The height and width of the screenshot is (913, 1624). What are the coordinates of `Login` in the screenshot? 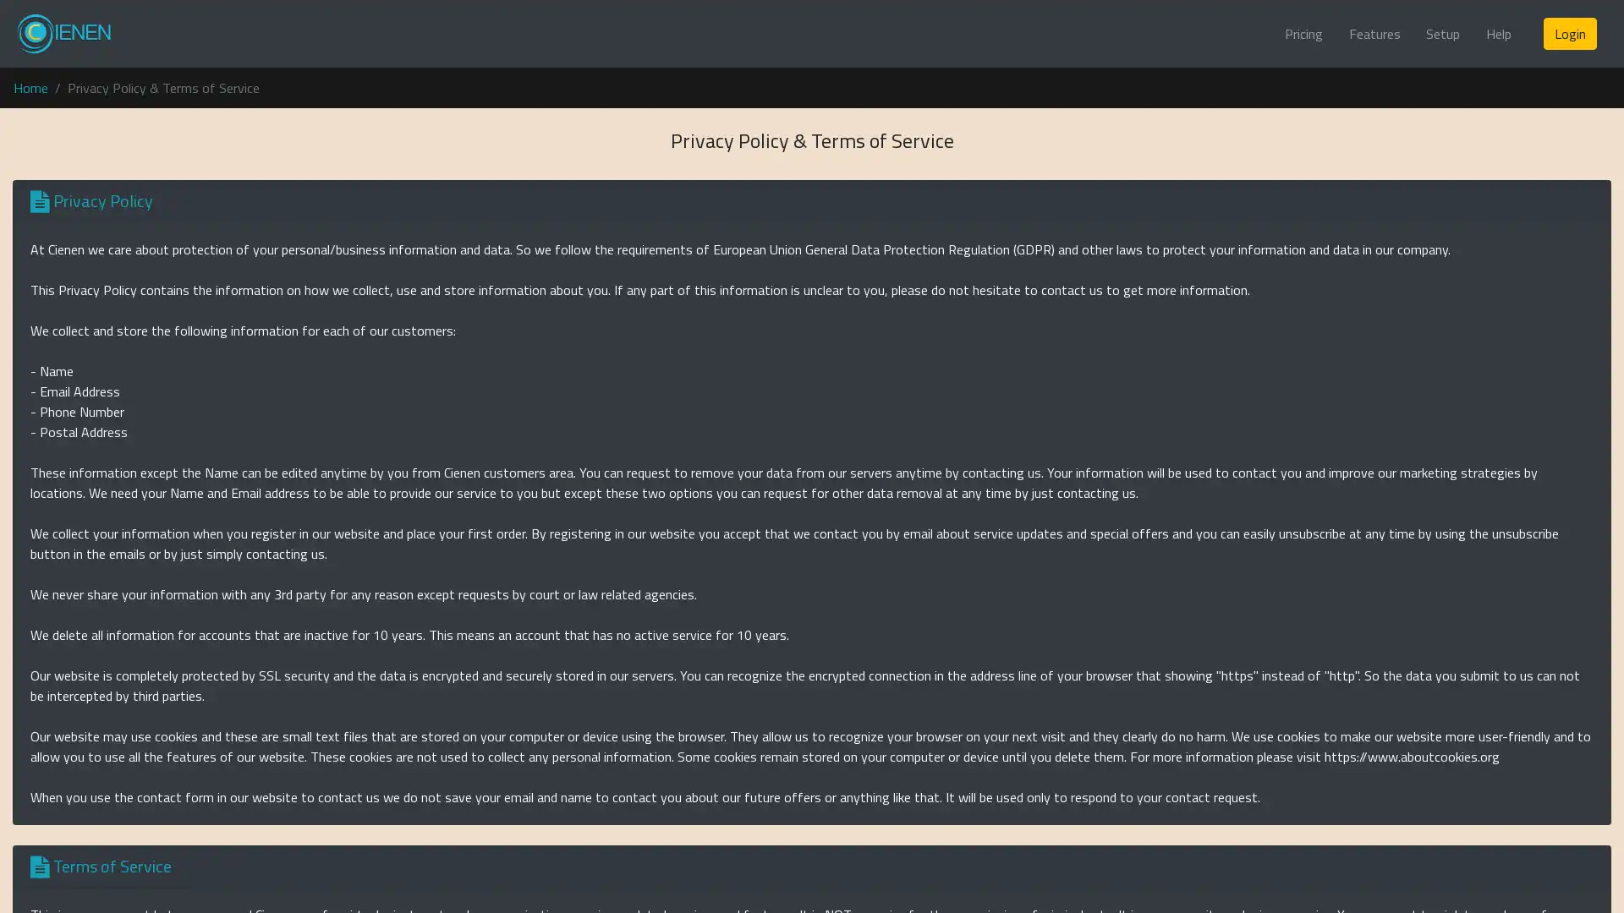 It's located at (1569, 33).